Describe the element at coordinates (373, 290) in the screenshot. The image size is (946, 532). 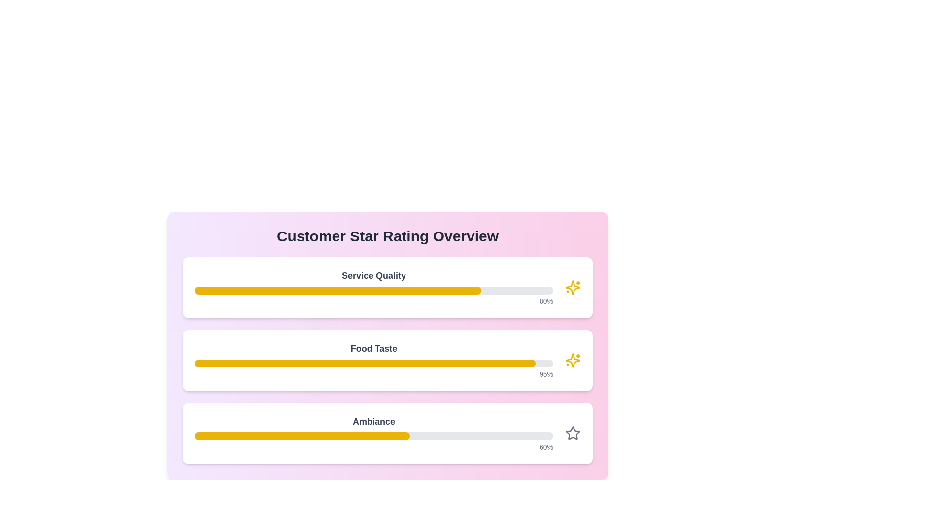
I see `the Progress Bar that visually indicates 80% completion for 'Service Quality', located below the 'Service Quality' label and above the percentage text '80%' in the first card of the 'Customer Star Rating Overview' section` at that location.